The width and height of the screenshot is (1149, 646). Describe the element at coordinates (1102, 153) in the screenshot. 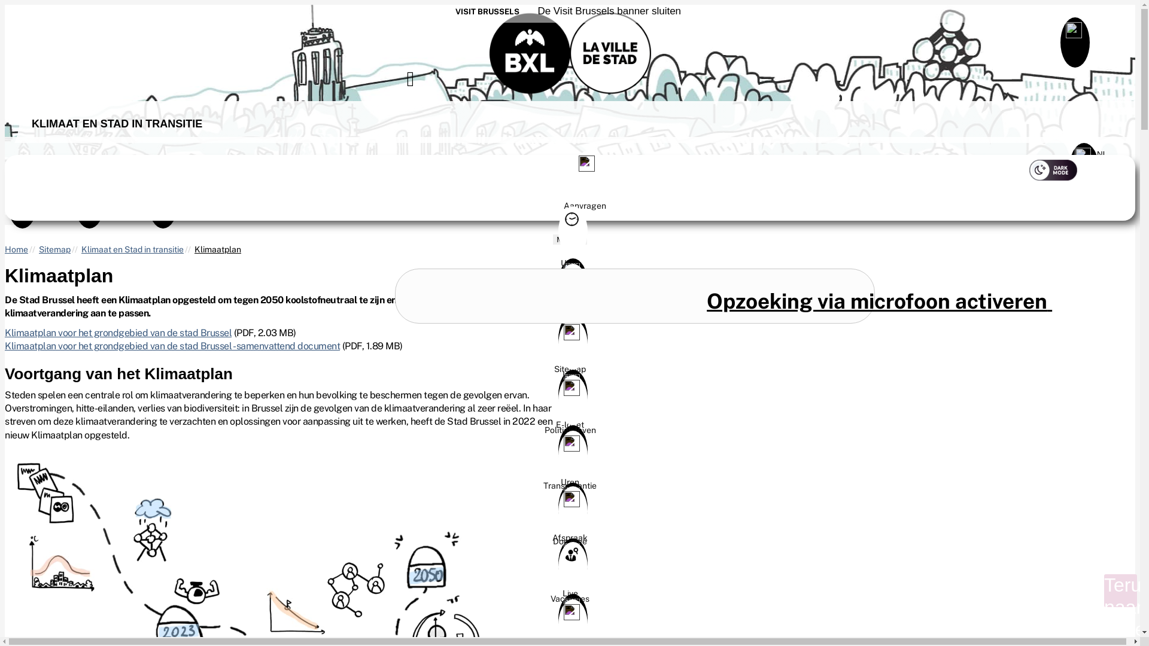

I see `'NL '` at that location.